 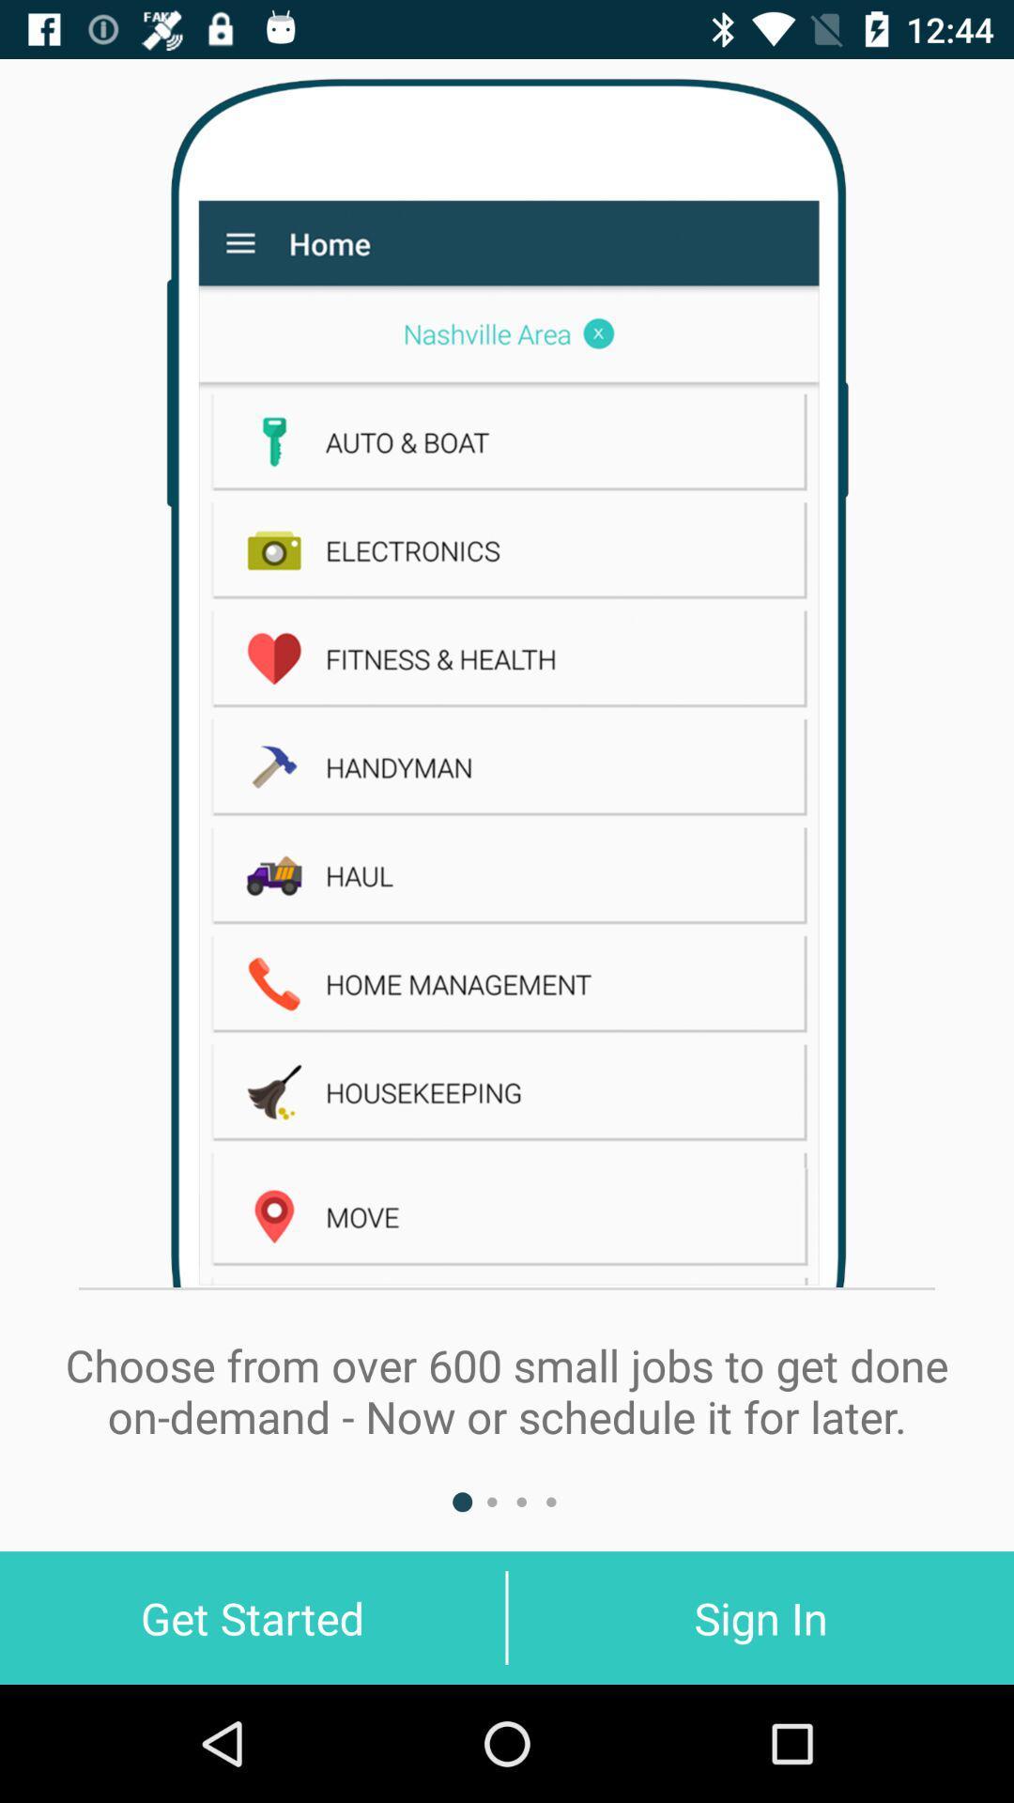 What do you see at coordinates (252, 1617) in the screenshot?
I see `the get started at the bottom left corner` at bounding box center [252, 1617].